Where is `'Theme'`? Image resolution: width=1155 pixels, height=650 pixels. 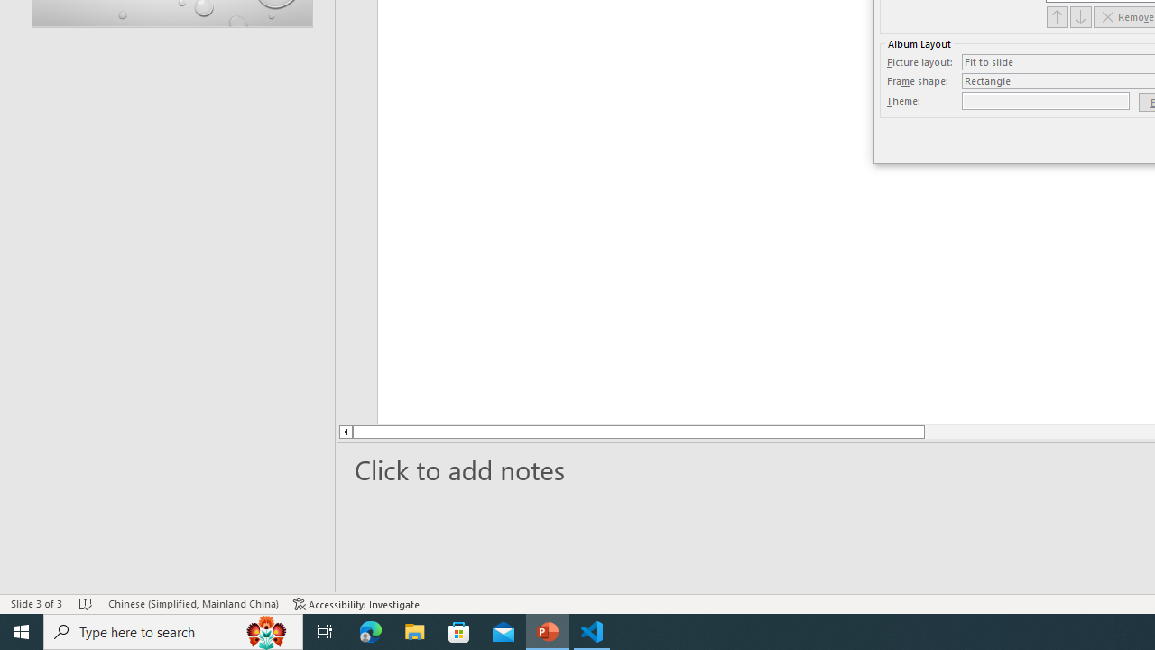 'Theme' is located at coordinates (1046, 100).